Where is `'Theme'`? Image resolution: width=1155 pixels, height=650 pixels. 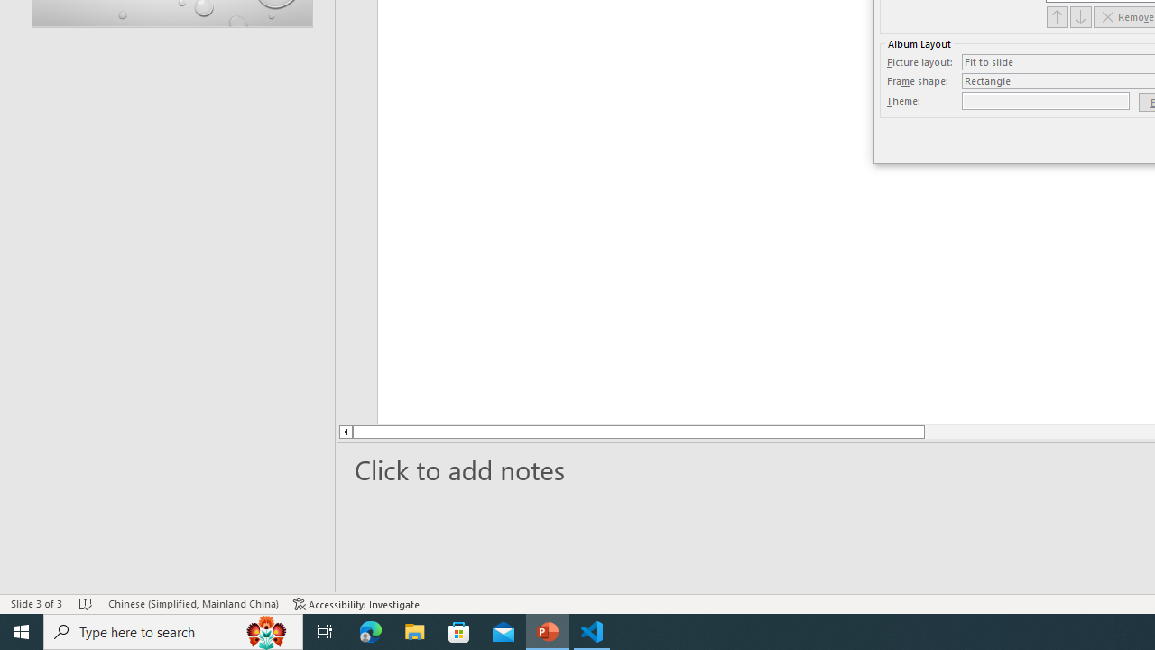 'Theme' is located at coordinates (1046, 100).